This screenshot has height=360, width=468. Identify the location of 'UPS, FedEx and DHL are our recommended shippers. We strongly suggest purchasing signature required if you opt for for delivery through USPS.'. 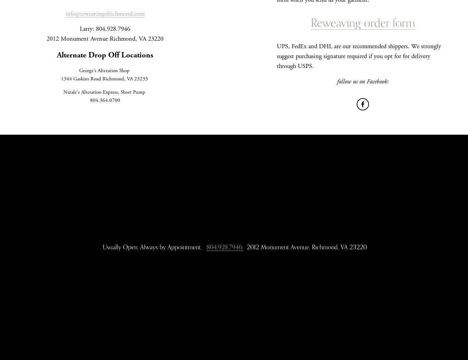
(359, 55).